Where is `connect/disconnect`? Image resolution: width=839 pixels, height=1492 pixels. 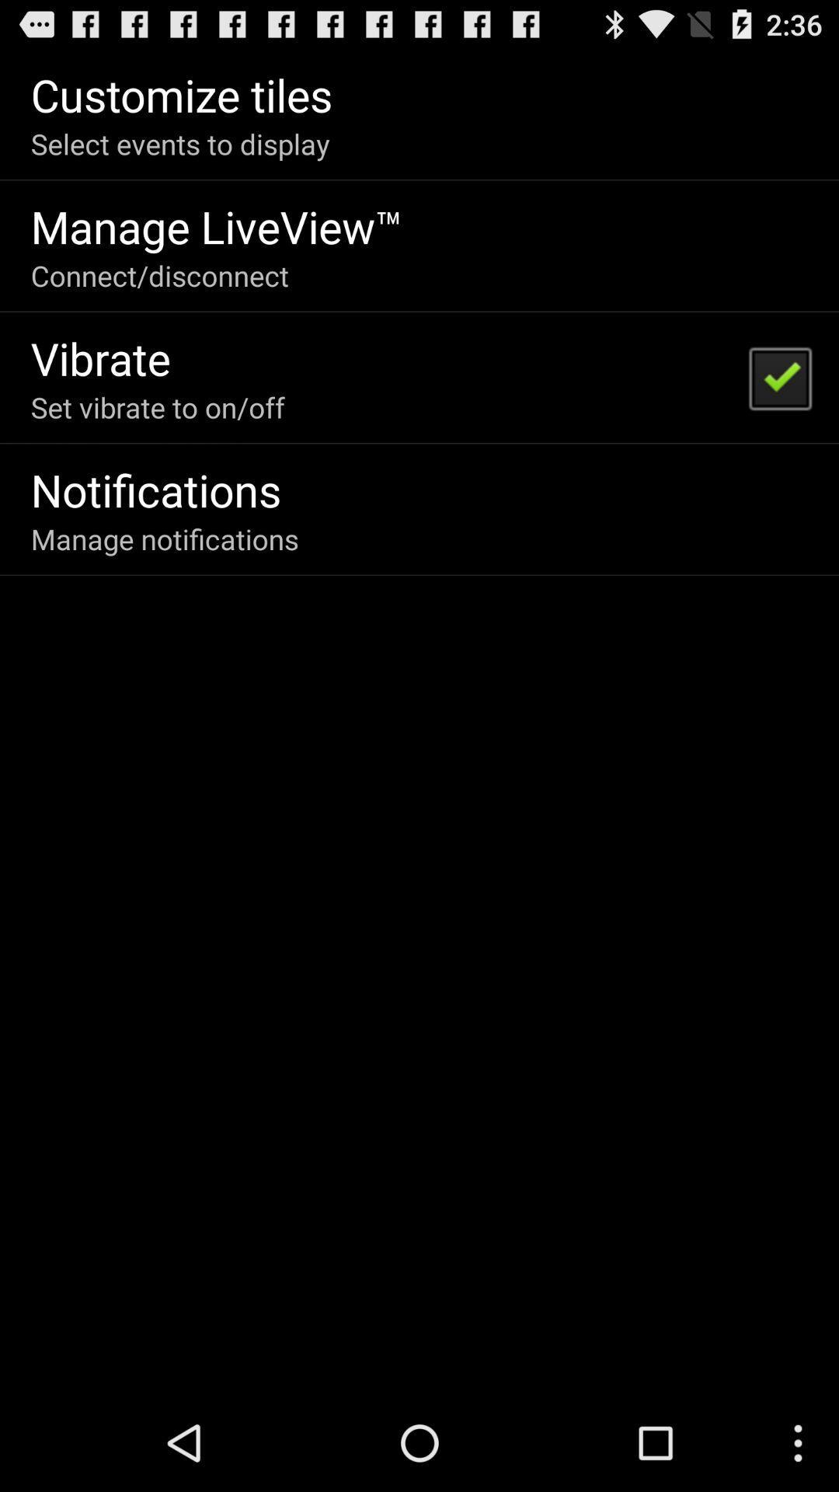
connect/disconnect is located at coordinates (159, 275).